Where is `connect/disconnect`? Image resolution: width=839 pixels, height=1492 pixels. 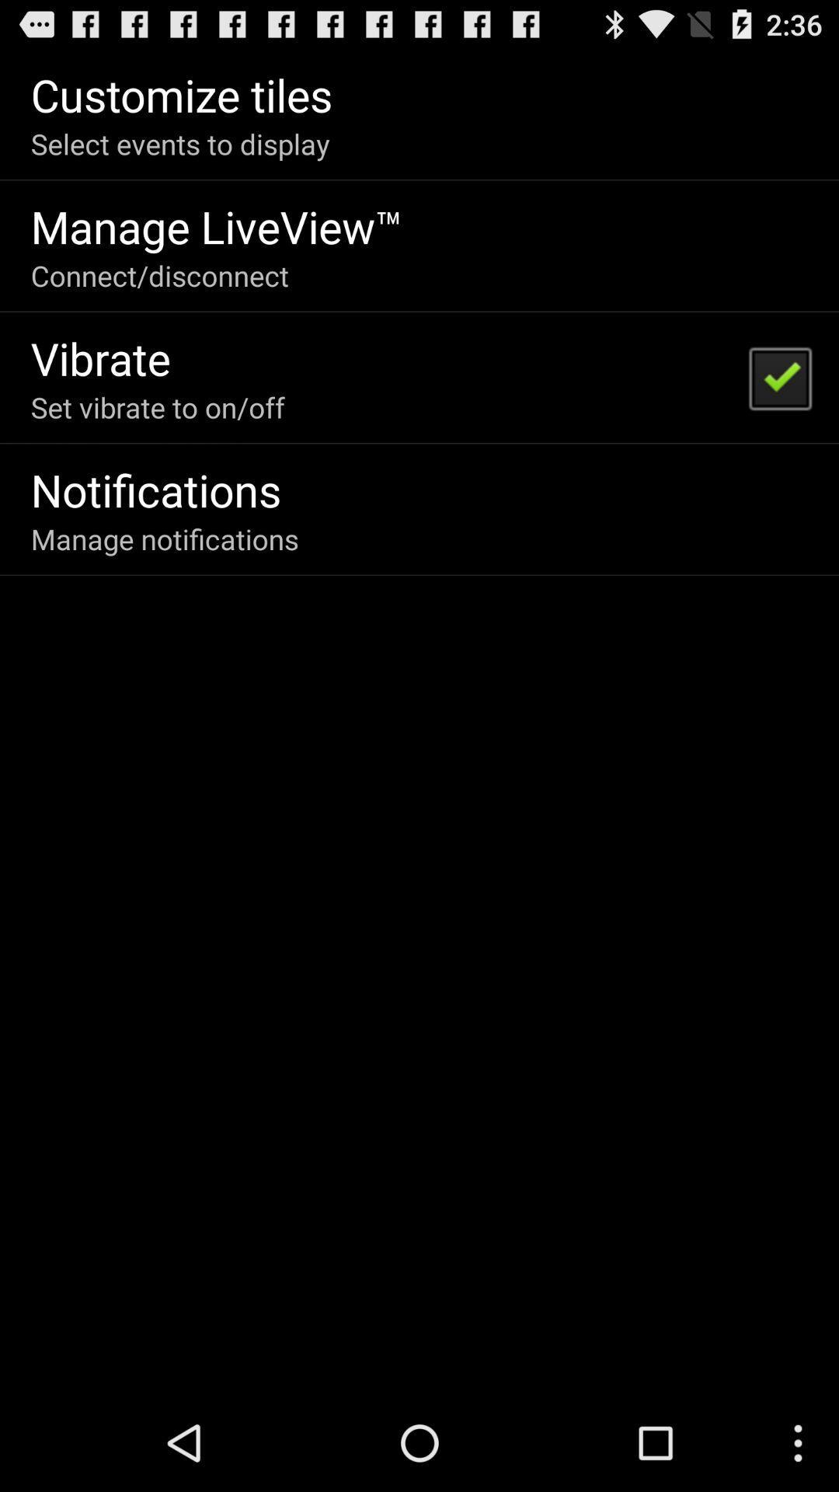
connect/disconnect is located at coordinates (159, 275).